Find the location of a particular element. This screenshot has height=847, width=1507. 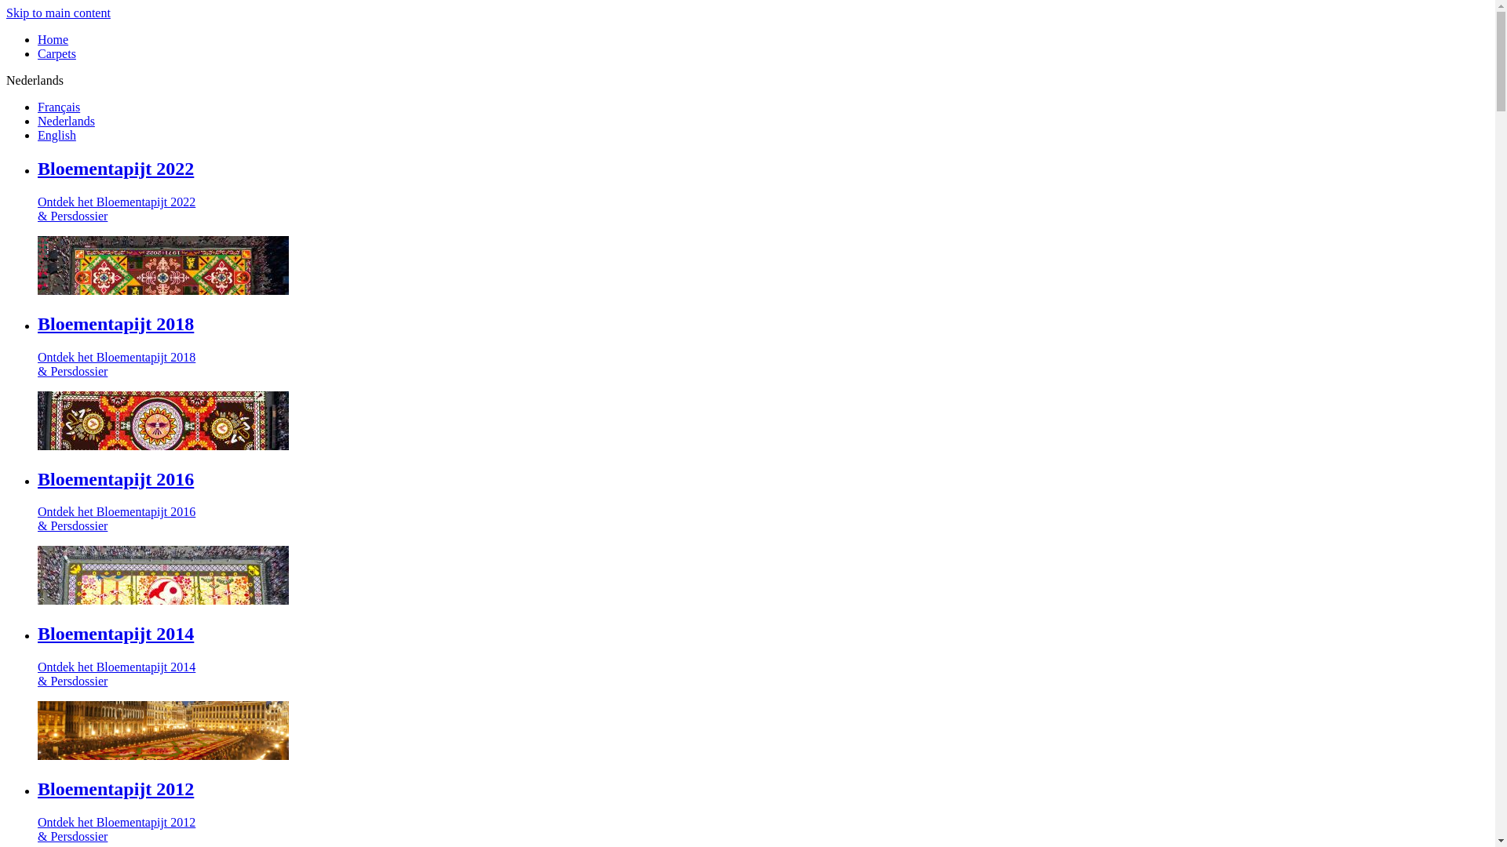

'Nederlands' is located at coordinates (65, 120).